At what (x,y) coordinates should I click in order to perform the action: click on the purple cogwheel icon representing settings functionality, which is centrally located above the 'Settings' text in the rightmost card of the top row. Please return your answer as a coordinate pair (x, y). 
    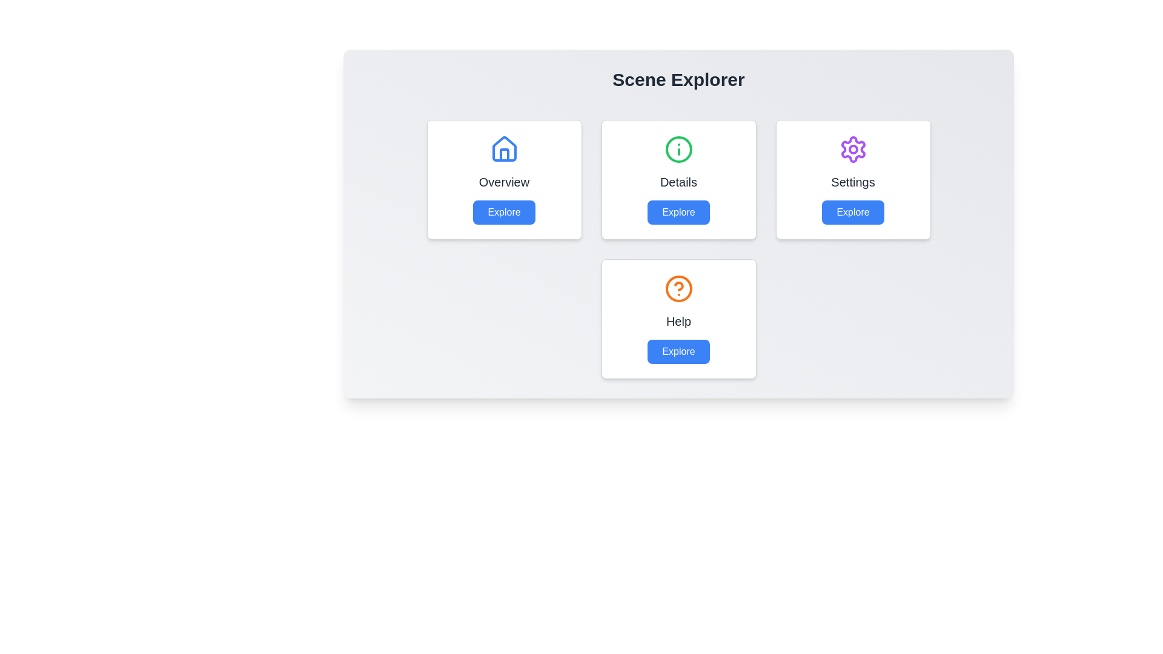
    Looking at the image, I should click on (852, 148).